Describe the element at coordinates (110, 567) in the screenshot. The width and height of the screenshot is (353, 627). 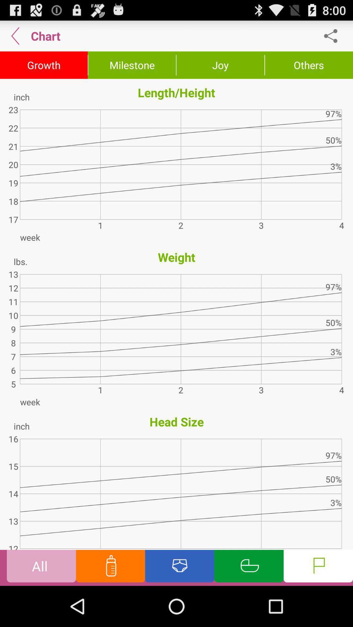
I see `food records` at that location.